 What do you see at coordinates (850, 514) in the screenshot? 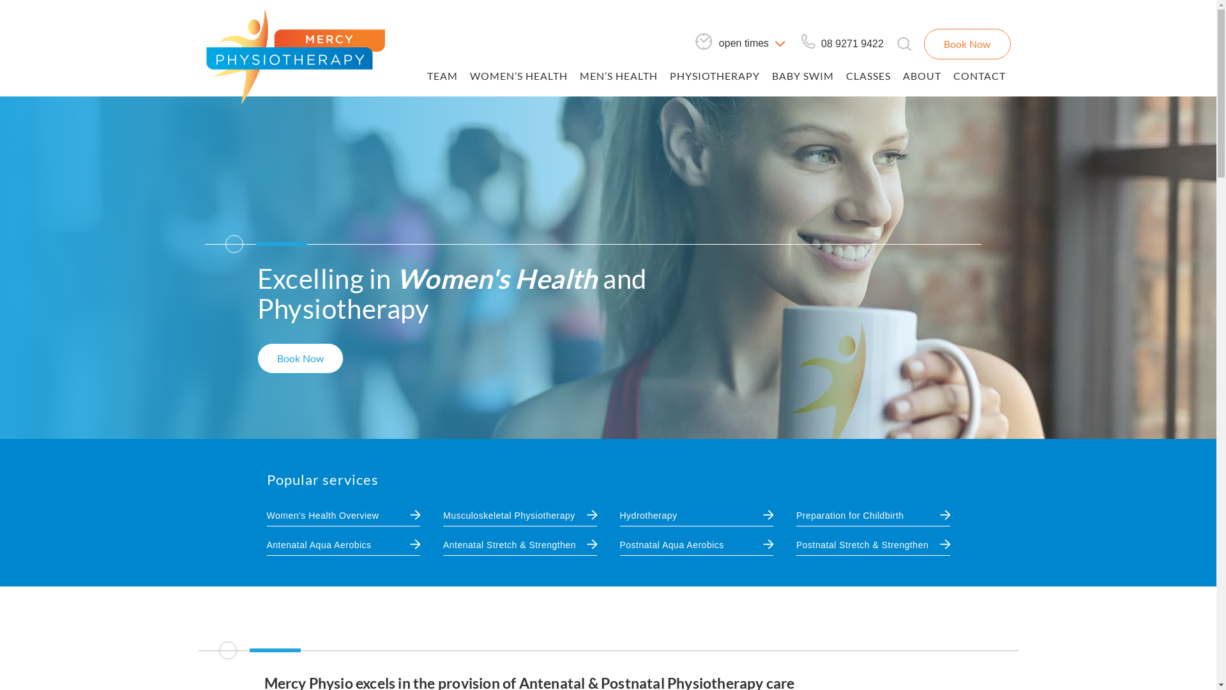
I see `'Preparation for Childbirth'` at bounding box center [850, 514].